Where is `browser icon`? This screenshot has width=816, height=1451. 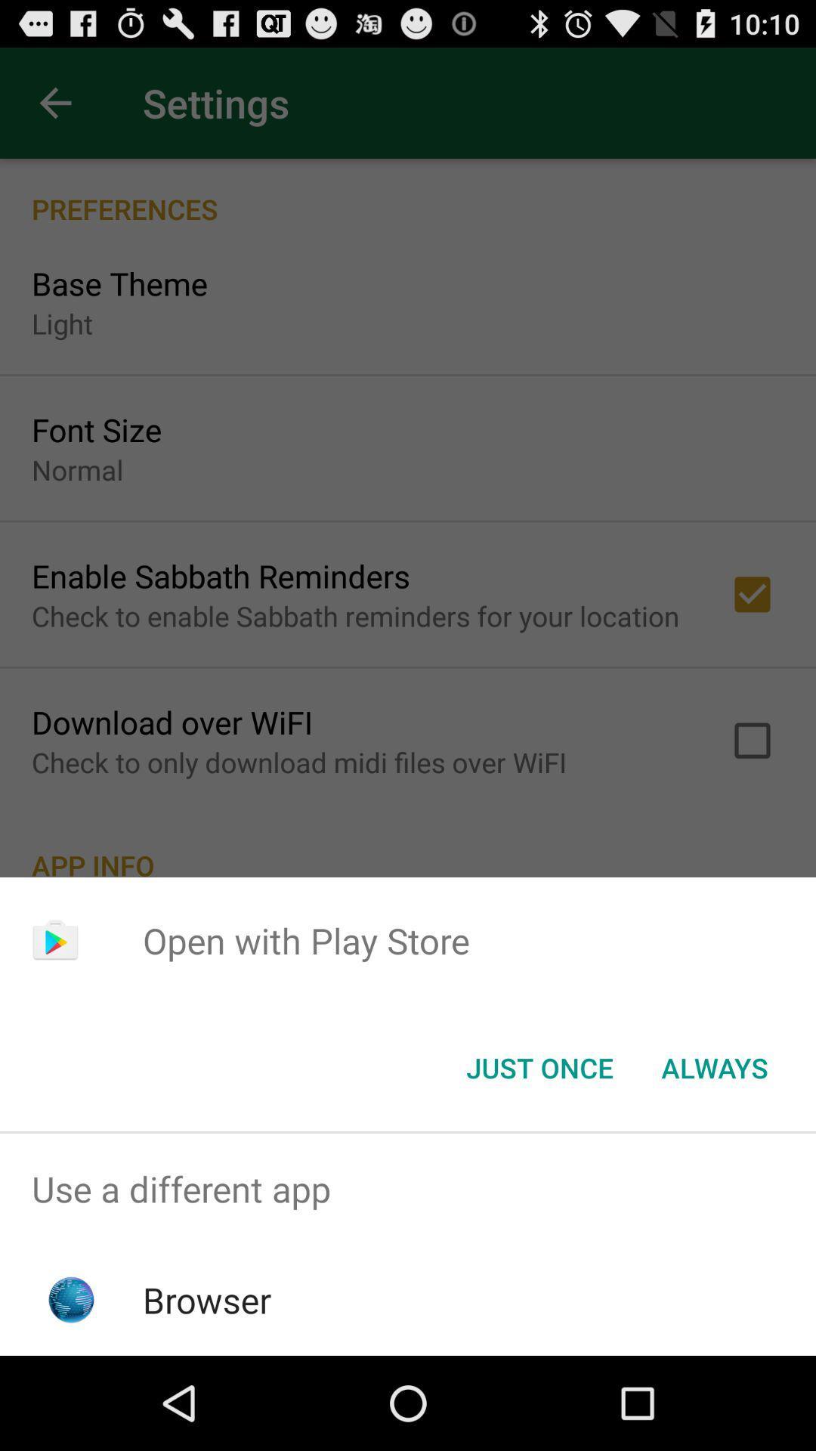 browser icon is located at coordinates (207, 1299).